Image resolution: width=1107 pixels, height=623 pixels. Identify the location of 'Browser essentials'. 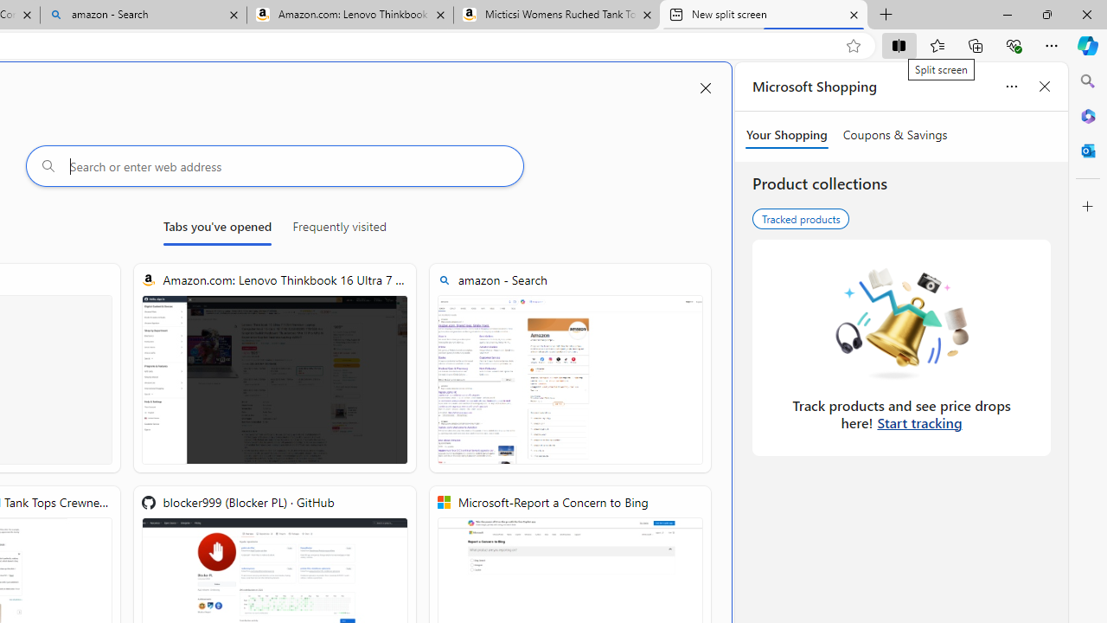
(1013, 44).